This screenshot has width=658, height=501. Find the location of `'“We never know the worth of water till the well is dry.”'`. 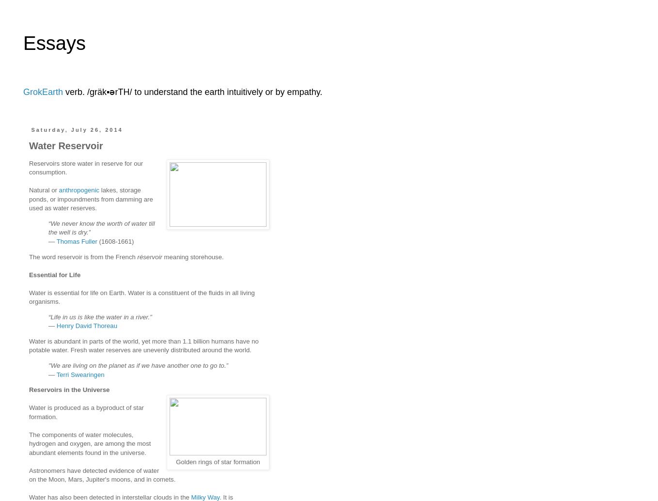

'“We never know the worth of water till the well is dry.”' is located at coordinates (101, 227).